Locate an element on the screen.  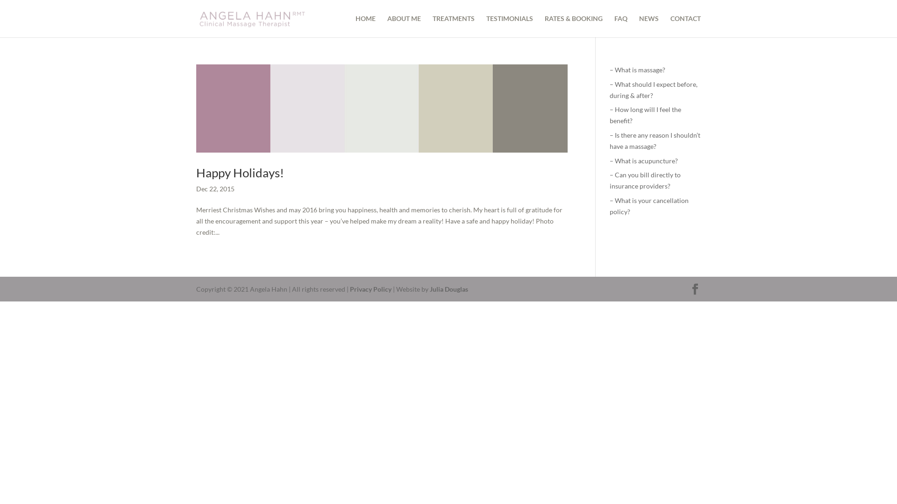
'RATES & BOOKING' is located at coordinates (573, 26).